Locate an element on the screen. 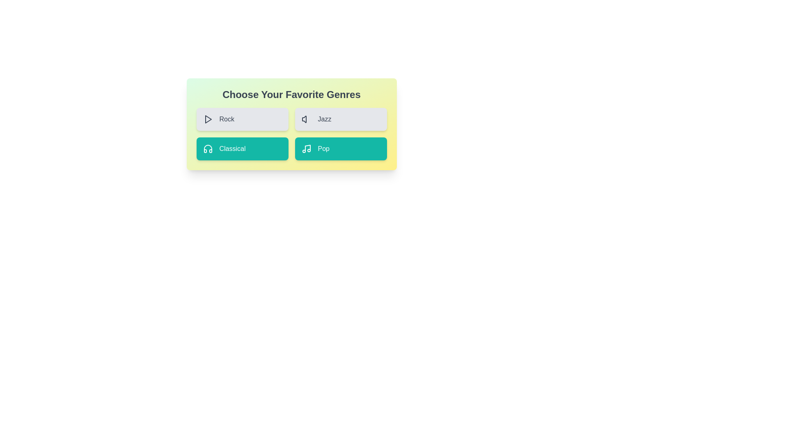 The image size is (788, 443). the genre button labeled Jazz is located at coordinates (341, 119).